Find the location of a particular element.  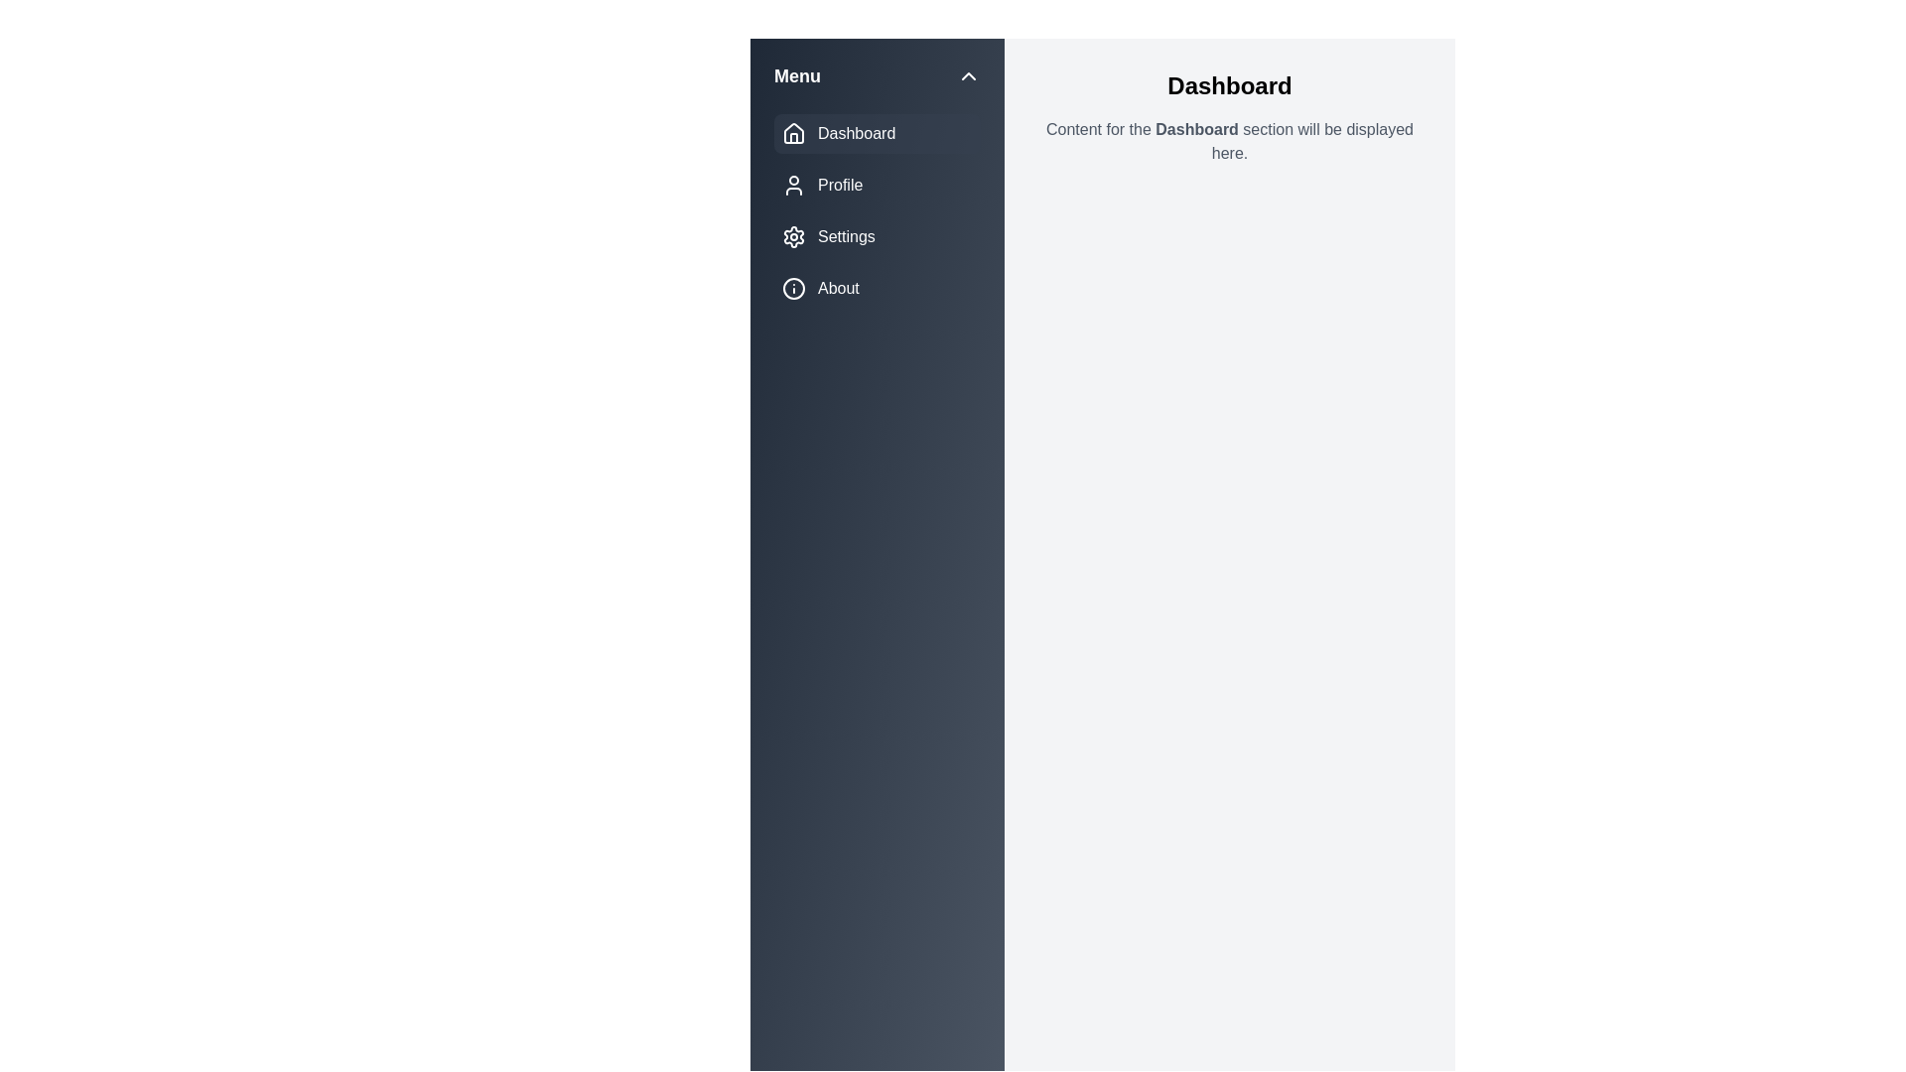

the 'Profile' navigation menu item, which is the second item in the vertical navigation menu in the left-hand sidebar is located at coordinates (876, 185).